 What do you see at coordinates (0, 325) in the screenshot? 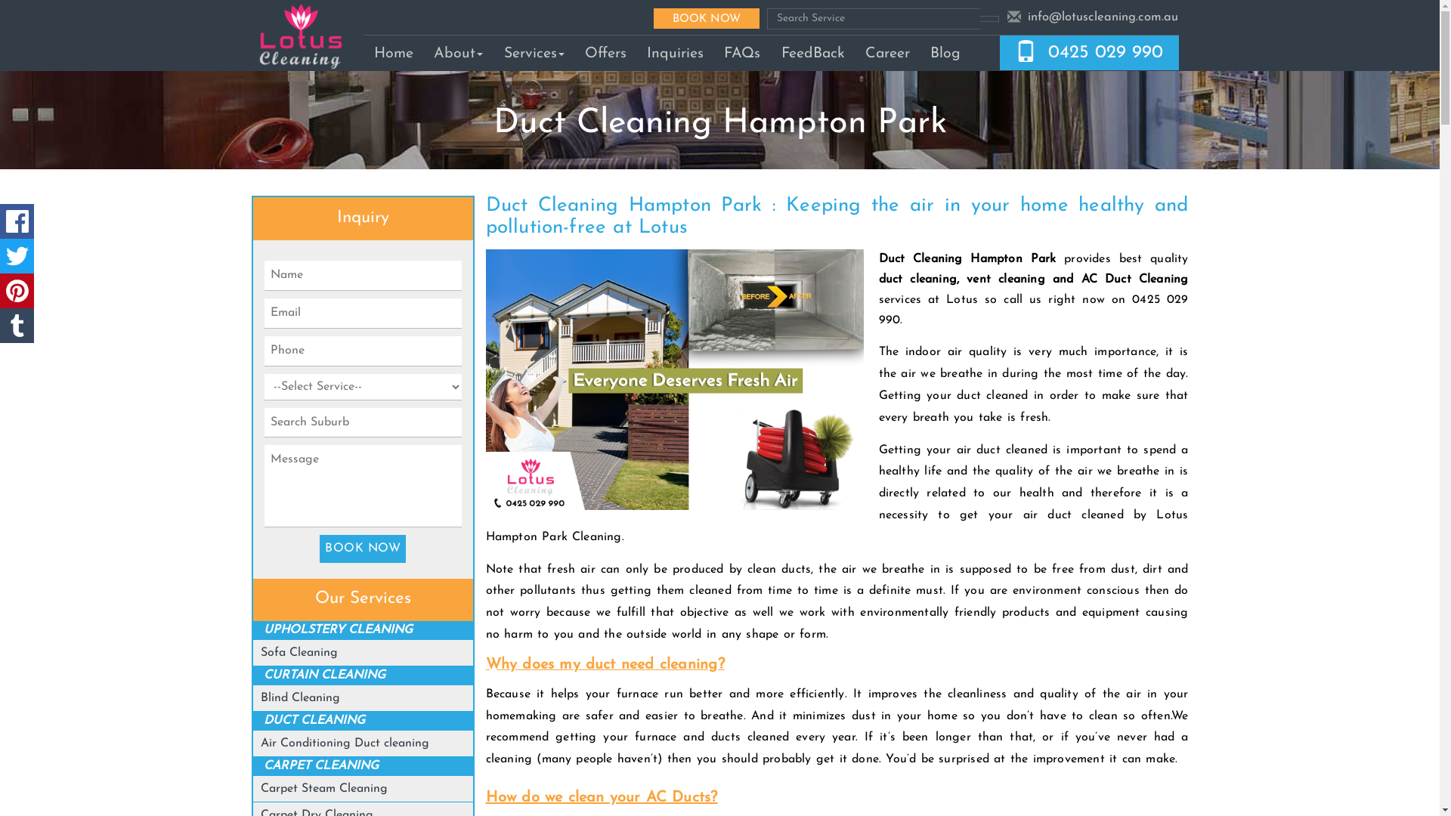
I see `'share with: tumblr'` at bounding box center [0, 325].